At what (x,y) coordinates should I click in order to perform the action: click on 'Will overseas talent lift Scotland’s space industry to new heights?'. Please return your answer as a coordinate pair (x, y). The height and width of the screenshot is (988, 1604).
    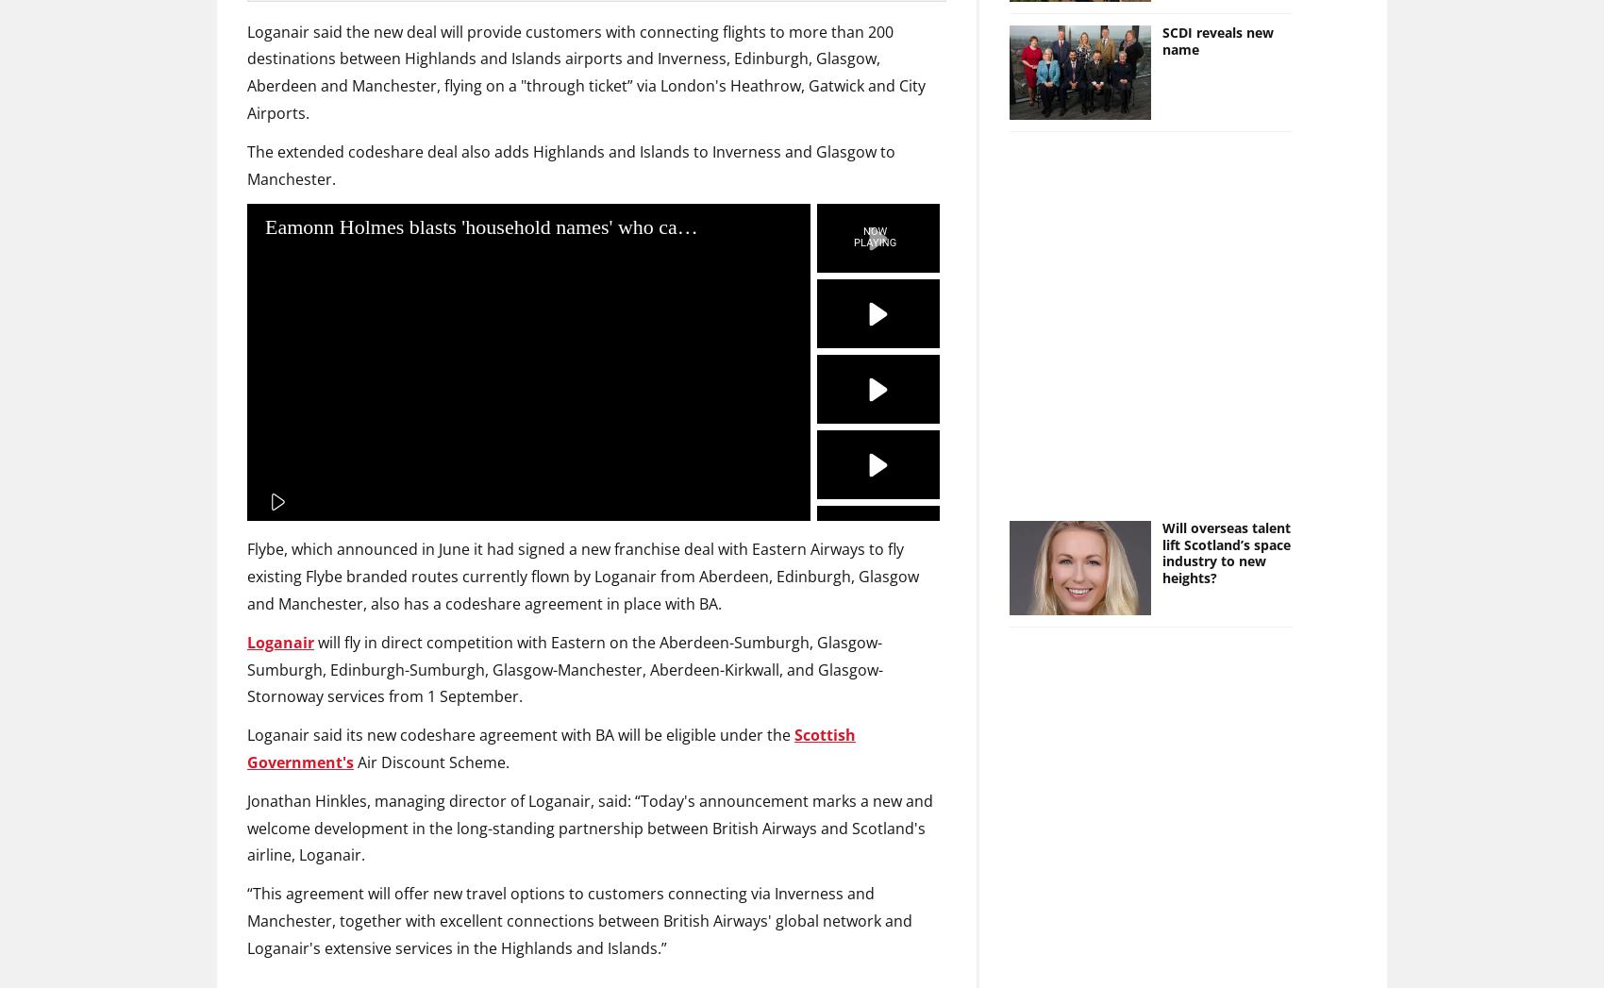
    Looking at the image, I should click on (1225, 552).